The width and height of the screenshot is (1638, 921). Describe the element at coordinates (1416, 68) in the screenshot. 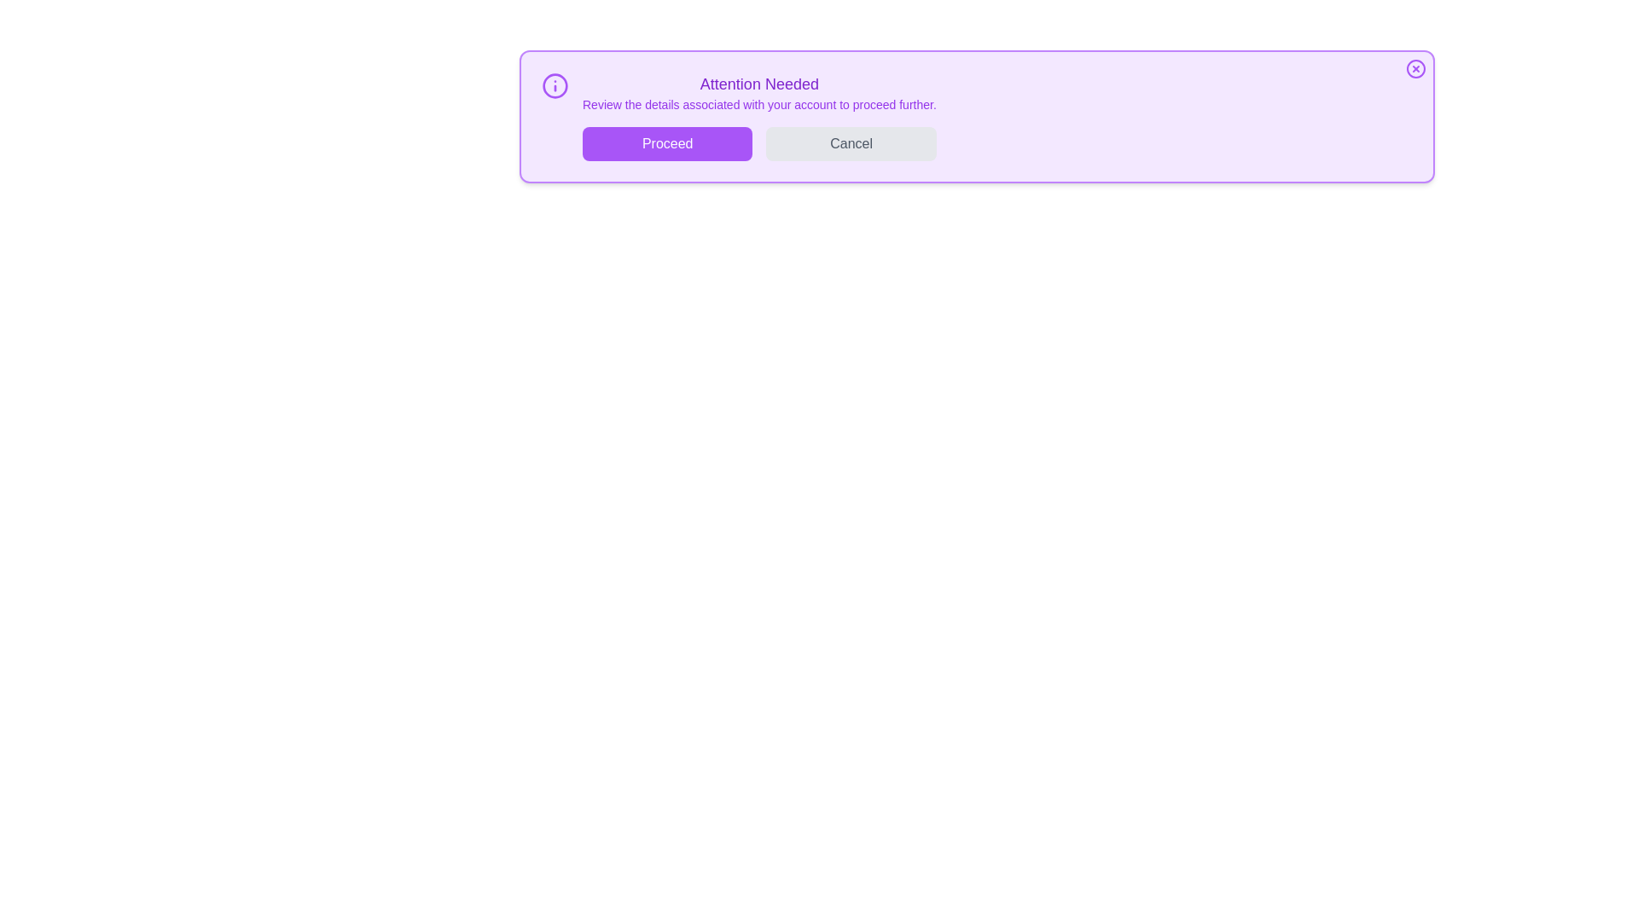

I see `the close button located at the top-right corner of the alert` at that location.